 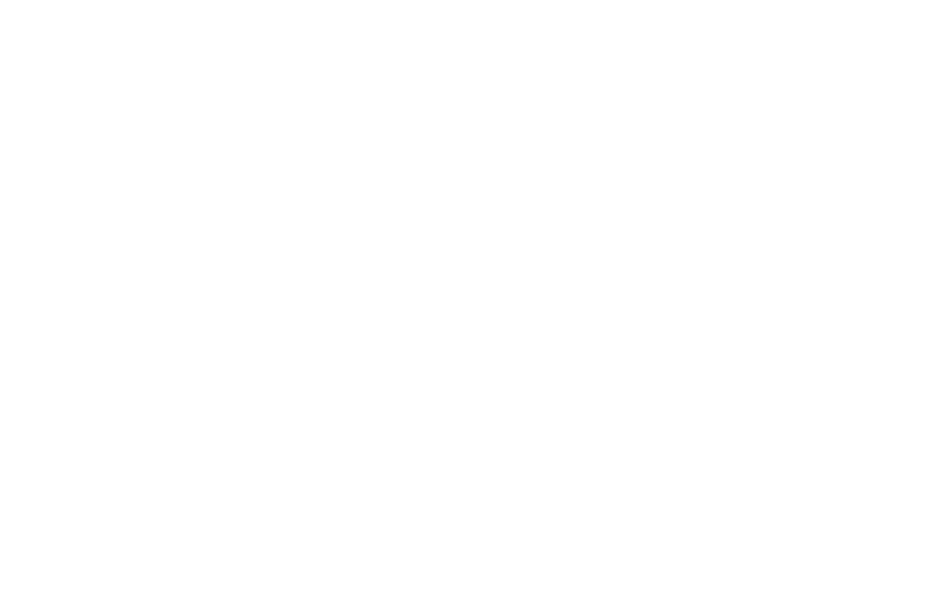 What do you see at coordinates (346, 389) in the screenshot?
I see `'Copenhagen Office:'` at bounding box center [346, 389].